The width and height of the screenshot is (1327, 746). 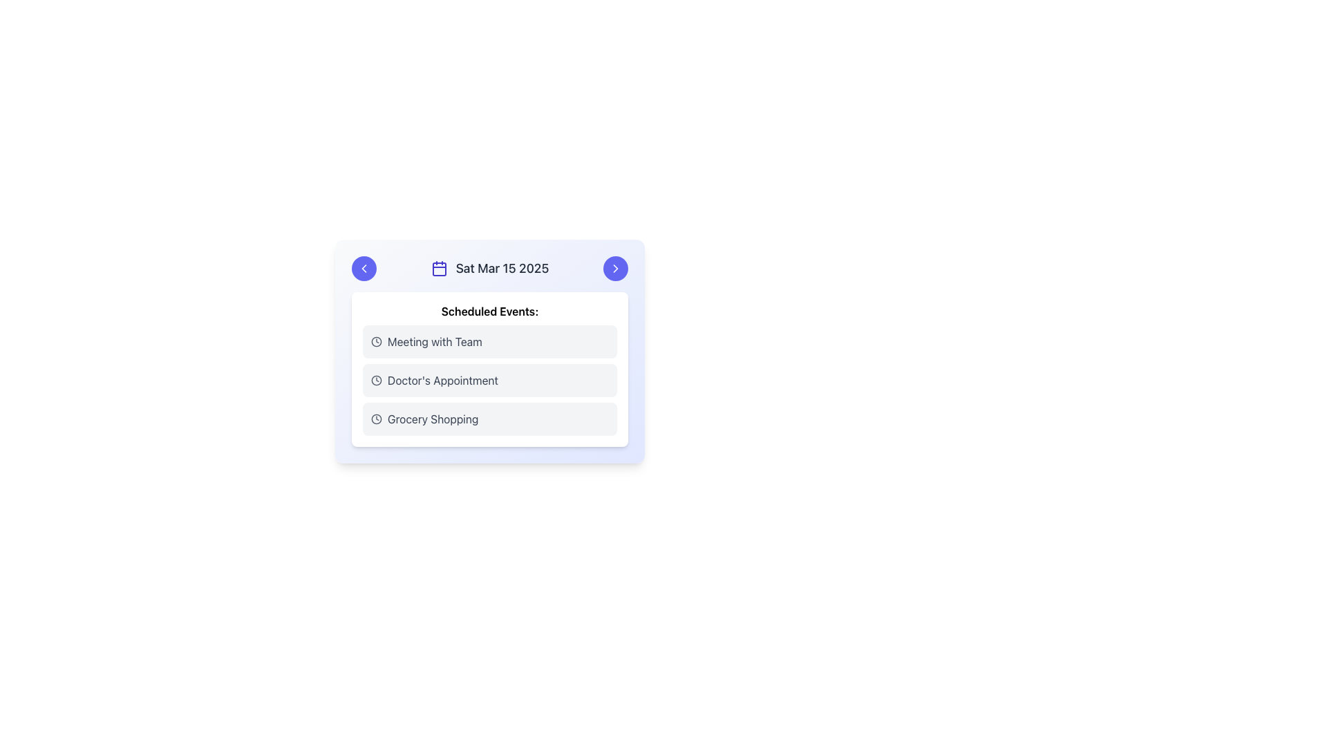 I want to click on the TextLabel representing the scheduled event titled 'Grocery Shopping', located in the third position of the 'Scheduled Events' list, so click(x=432, y=418).